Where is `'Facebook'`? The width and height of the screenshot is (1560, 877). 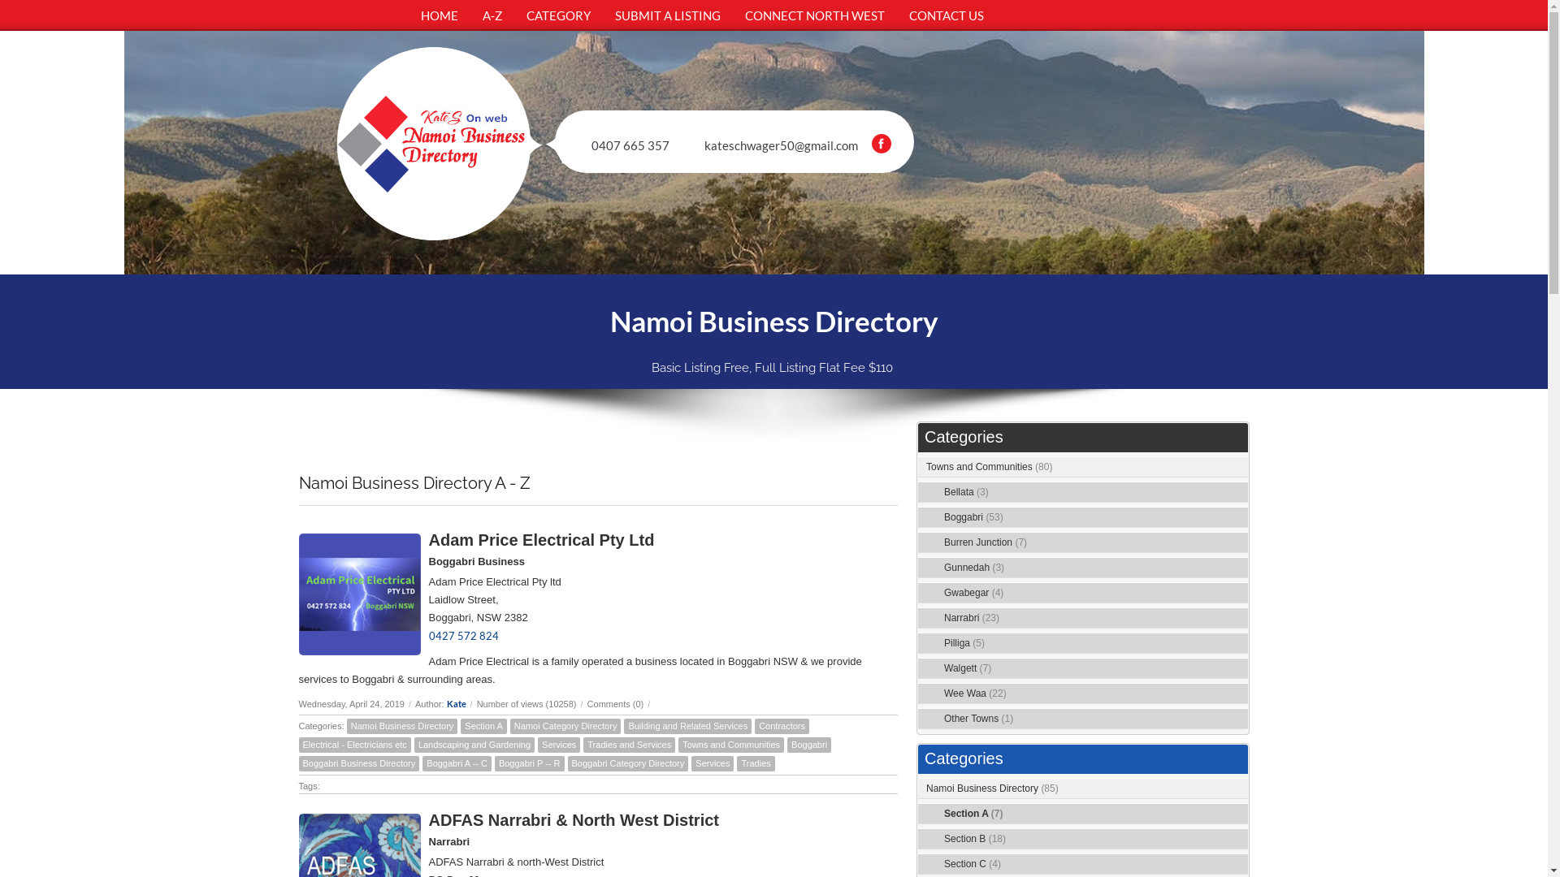 'Facebook' is located at coordinates (880, 143).